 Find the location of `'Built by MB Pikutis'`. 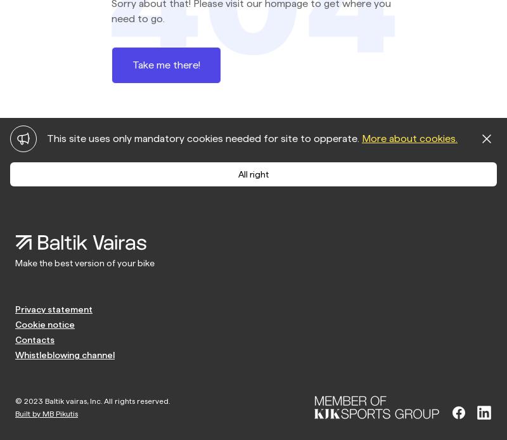

'Built by MB Pikutis' is located at coordinates (46, 413).